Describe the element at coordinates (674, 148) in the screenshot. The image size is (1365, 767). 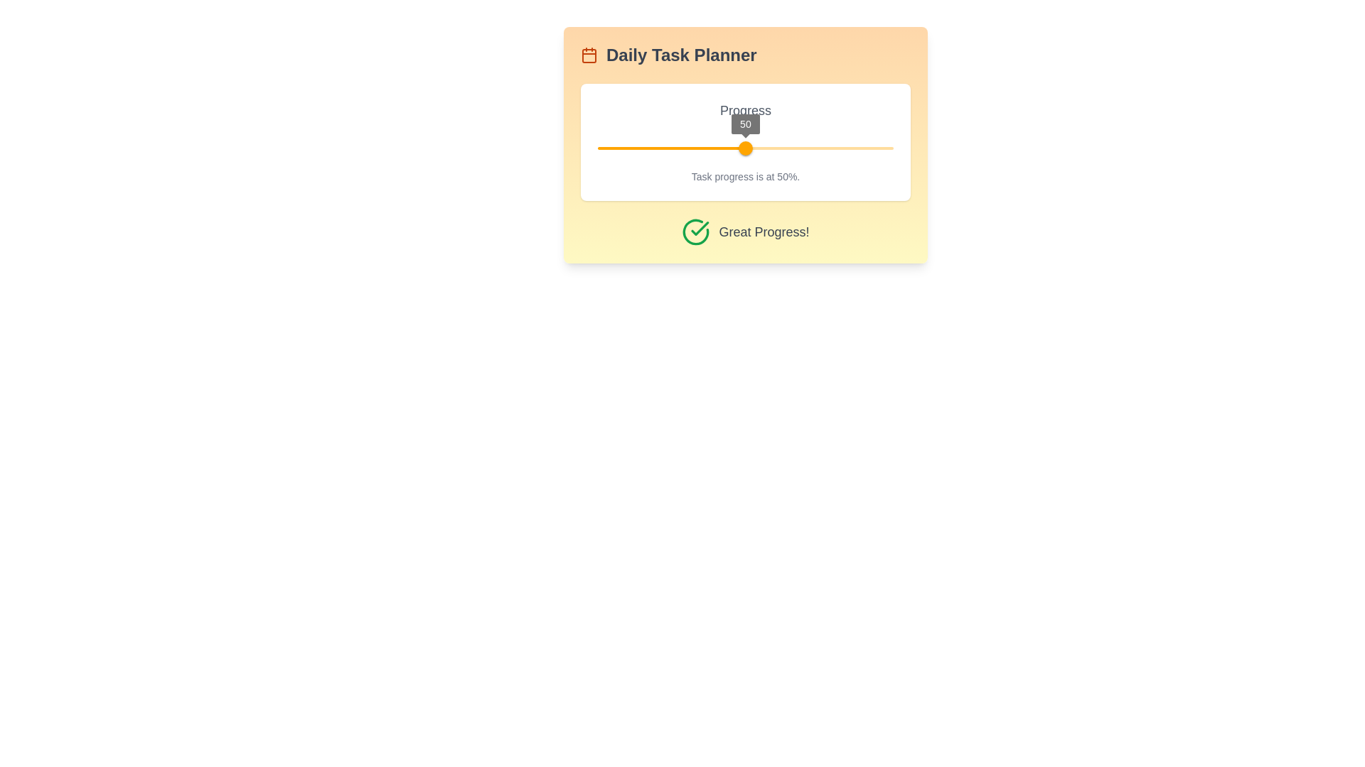
I see `the progress value` at that location.